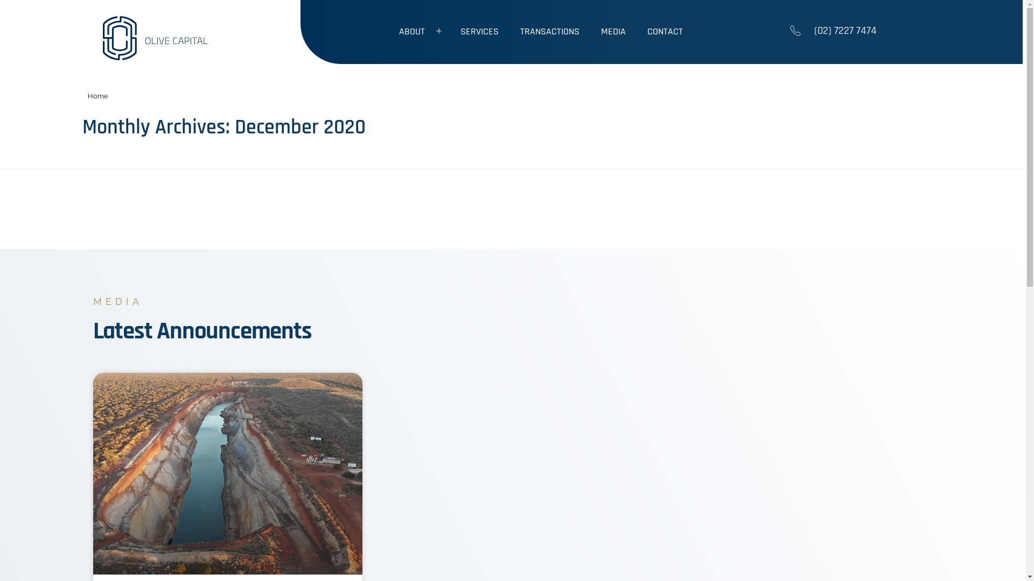  What do you see at coordinates (160, 37) in the screenshot?
I see `'OLIVE CAPITAL'` at bounding box center [160, 37].